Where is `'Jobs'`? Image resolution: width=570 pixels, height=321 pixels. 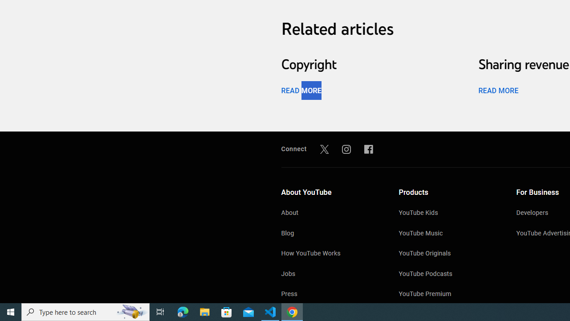 'Jobs' is located at coordinates (330, 274).